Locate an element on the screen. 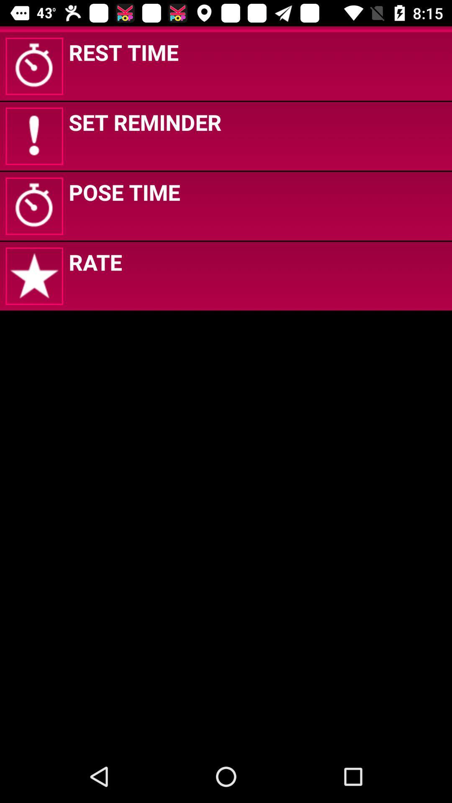 Image resolution: width=452 pixels, height=803 pixels. the rest time item is located at coordinates (123, 51).